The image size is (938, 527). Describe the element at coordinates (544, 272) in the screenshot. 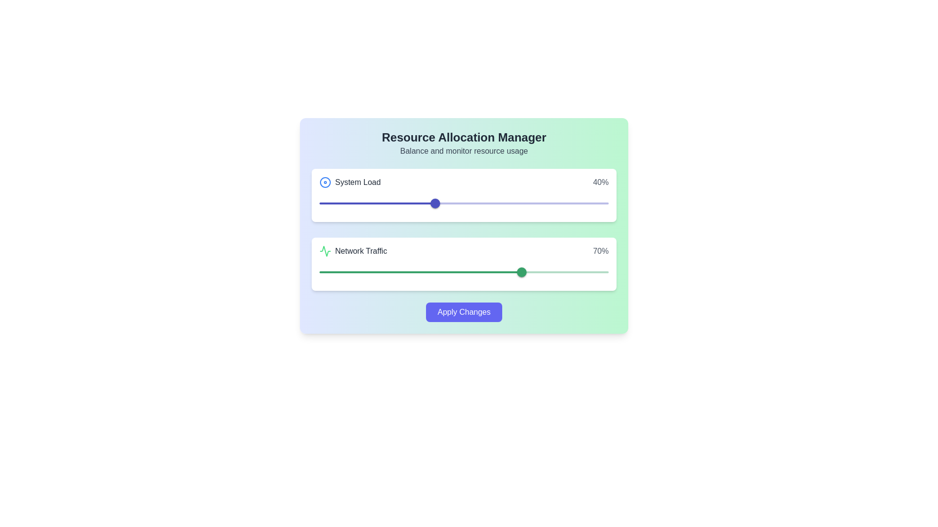

I see `network traffic` at that location.